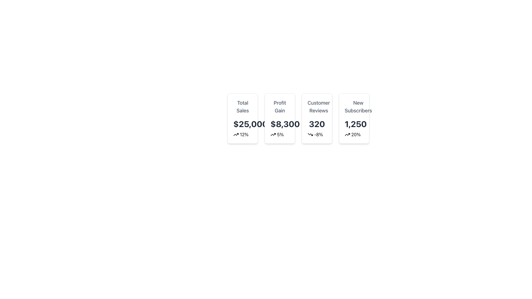 The image size is (532, 299). I want to click on the descriptive header text label for 'New Subscribers' located at the upper-center of the fourth card to associate it with the underlying data, so click(358, 107).